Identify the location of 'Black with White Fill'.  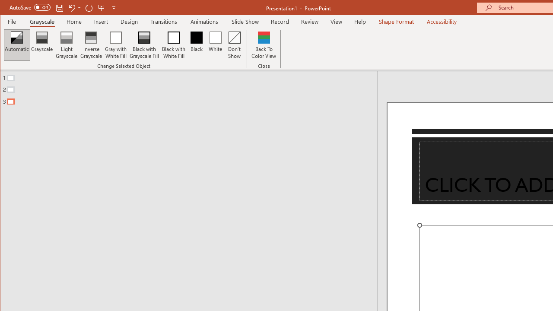
(173, 45).